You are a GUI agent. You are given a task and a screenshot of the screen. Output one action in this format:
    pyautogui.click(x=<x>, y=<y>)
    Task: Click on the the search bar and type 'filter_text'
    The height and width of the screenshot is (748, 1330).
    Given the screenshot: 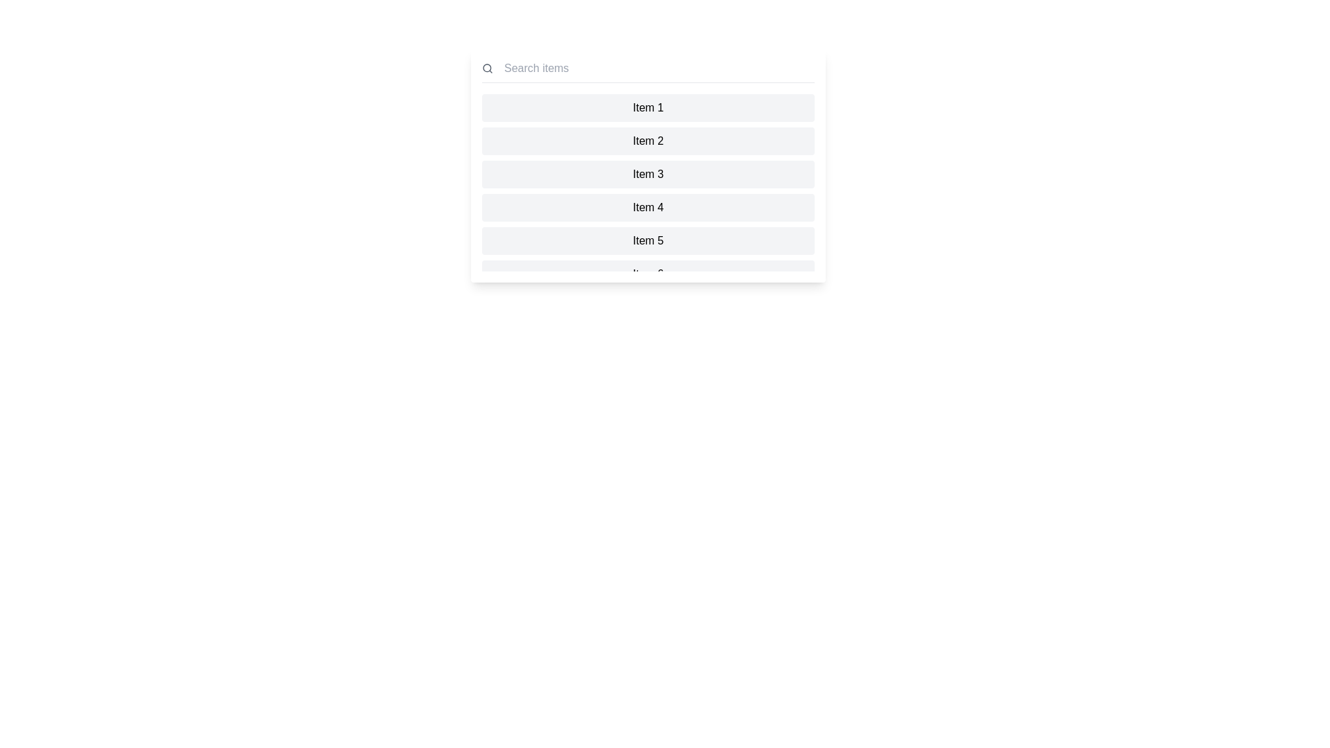 What is the action you would take?
    pyautogui.click(x=656, y=69)
    